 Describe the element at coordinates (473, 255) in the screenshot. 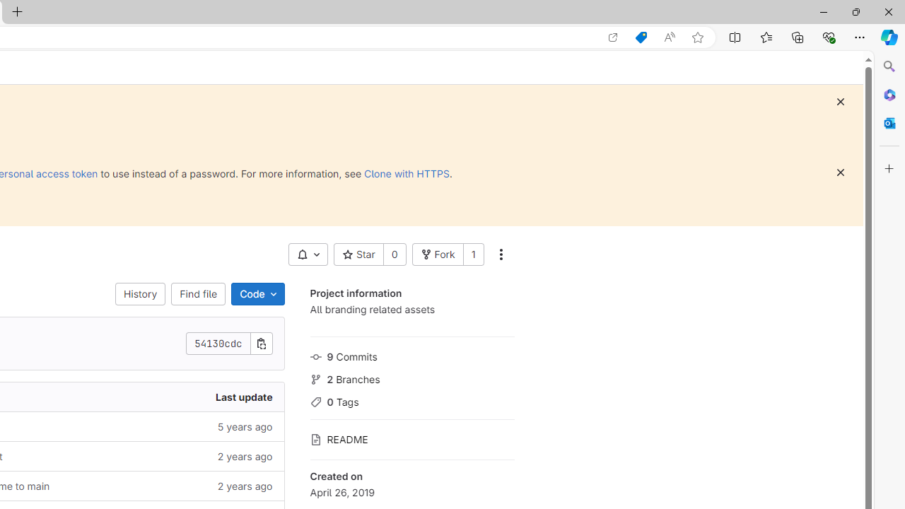

I see `'1'` at that location.